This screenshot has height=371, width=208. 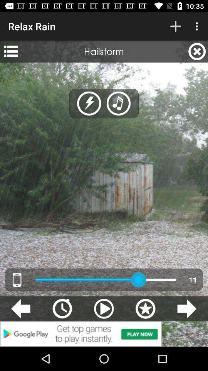 I want to click on the app next to hailstorm app, so click(x=10, y=51).